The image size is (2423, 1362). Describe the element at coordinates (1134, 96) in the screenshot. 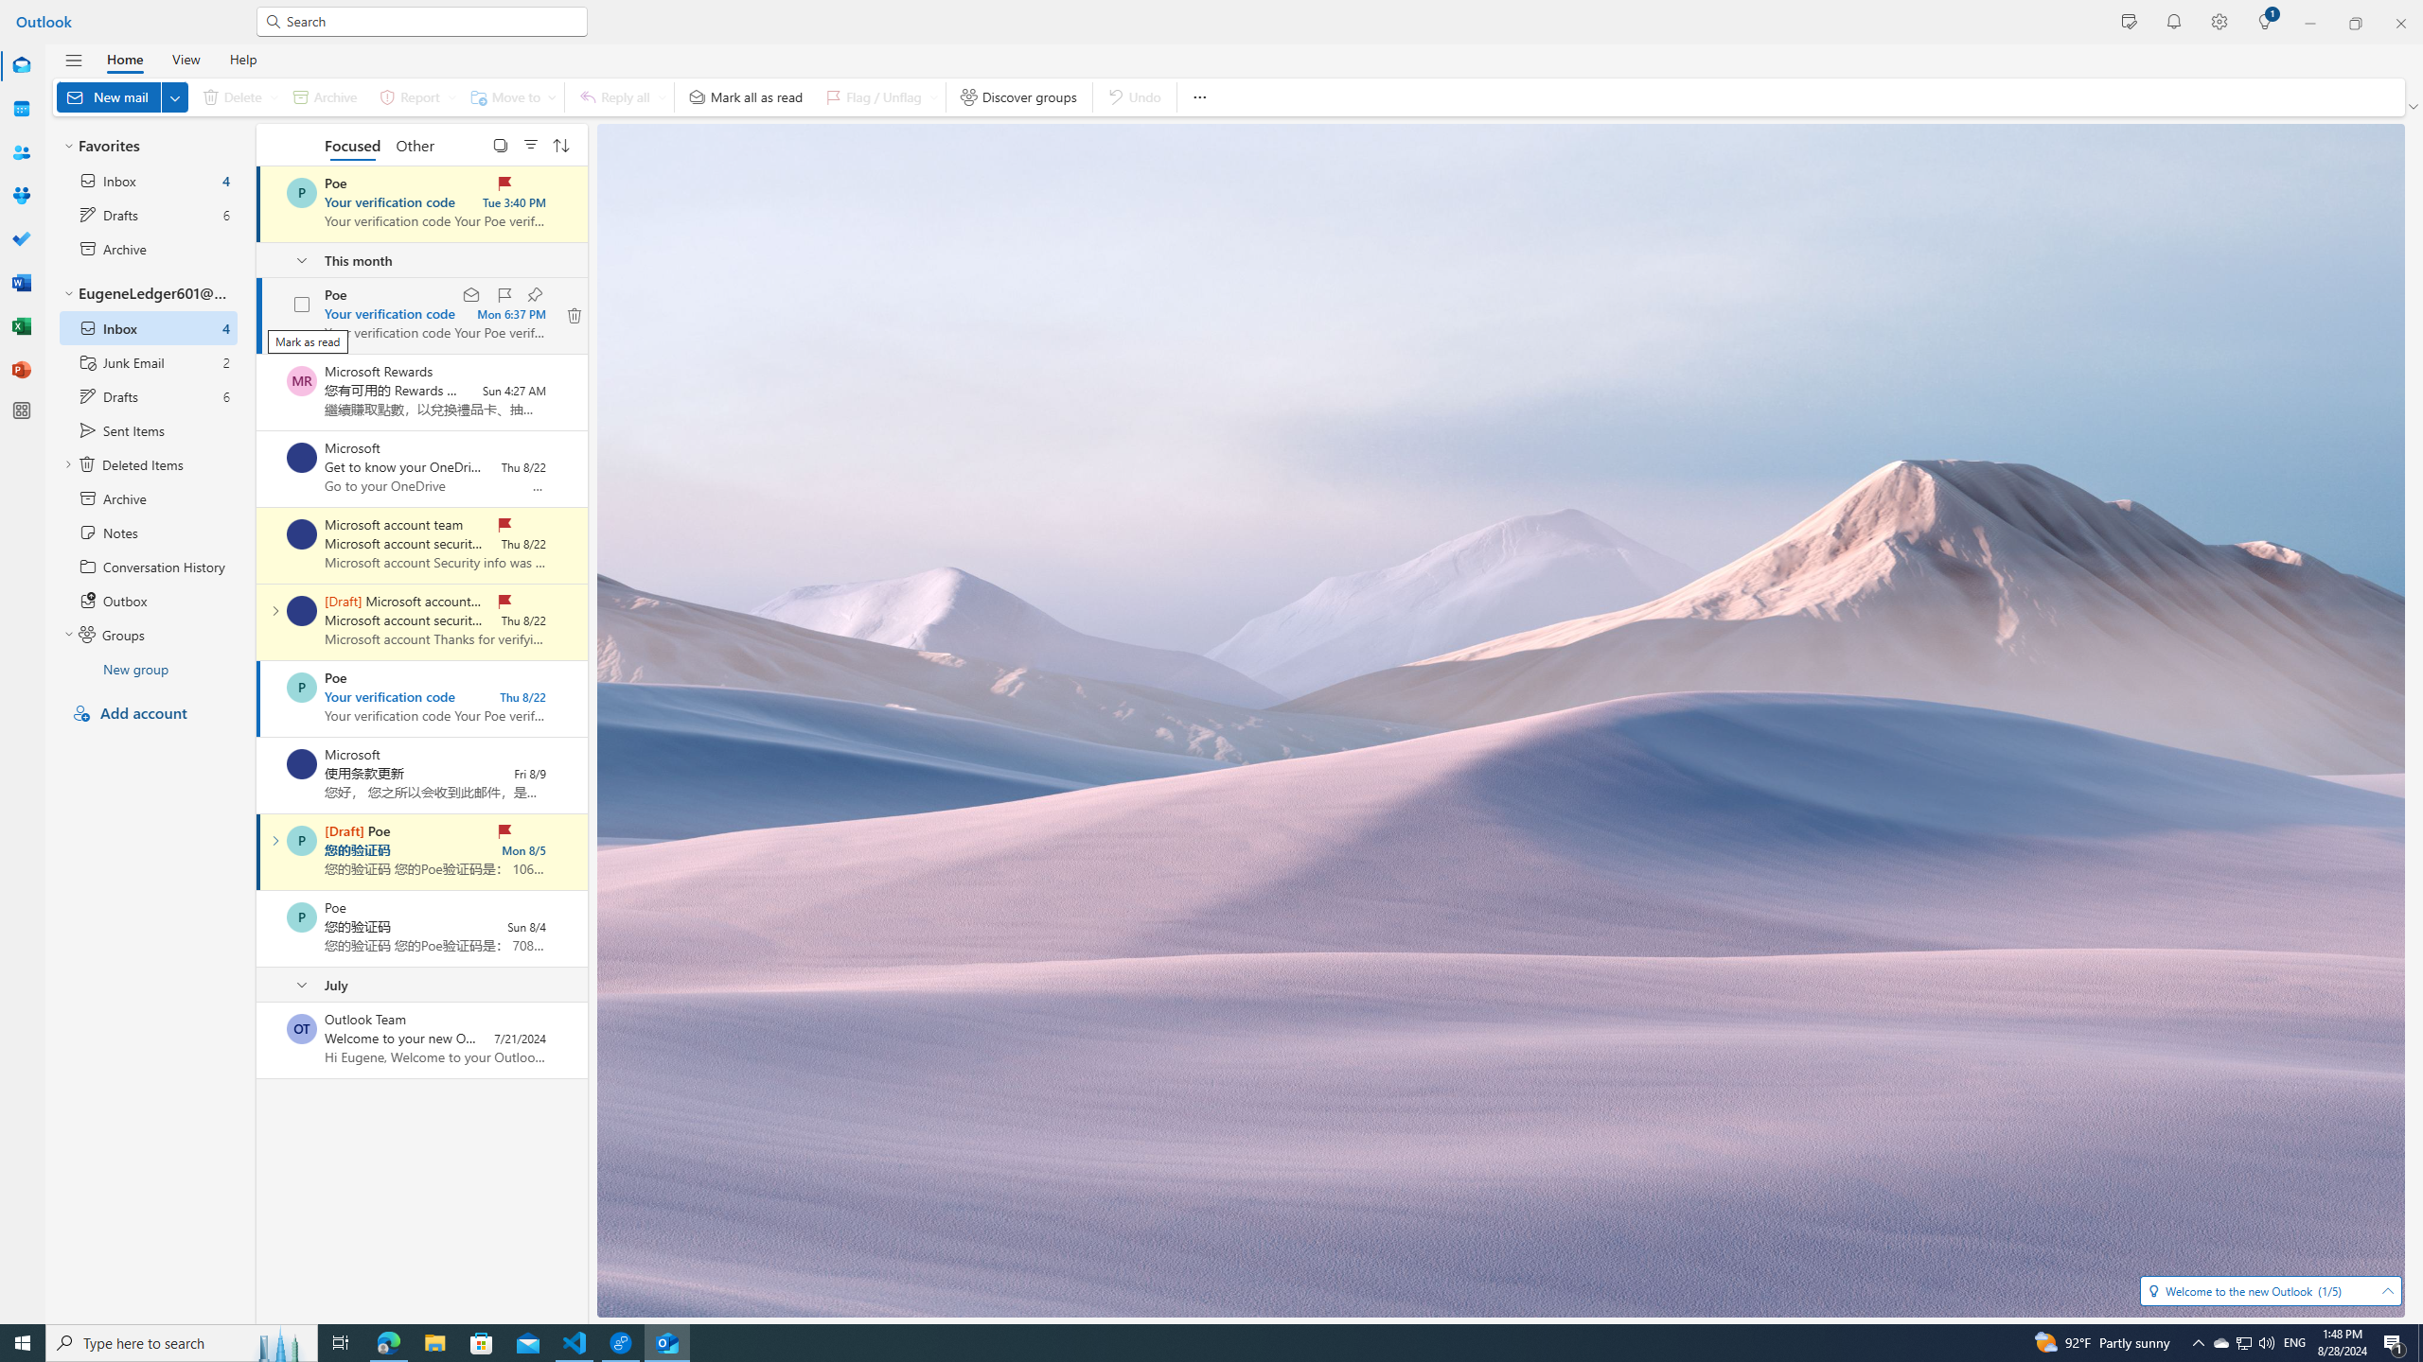

I see `'Undo'` at that location.